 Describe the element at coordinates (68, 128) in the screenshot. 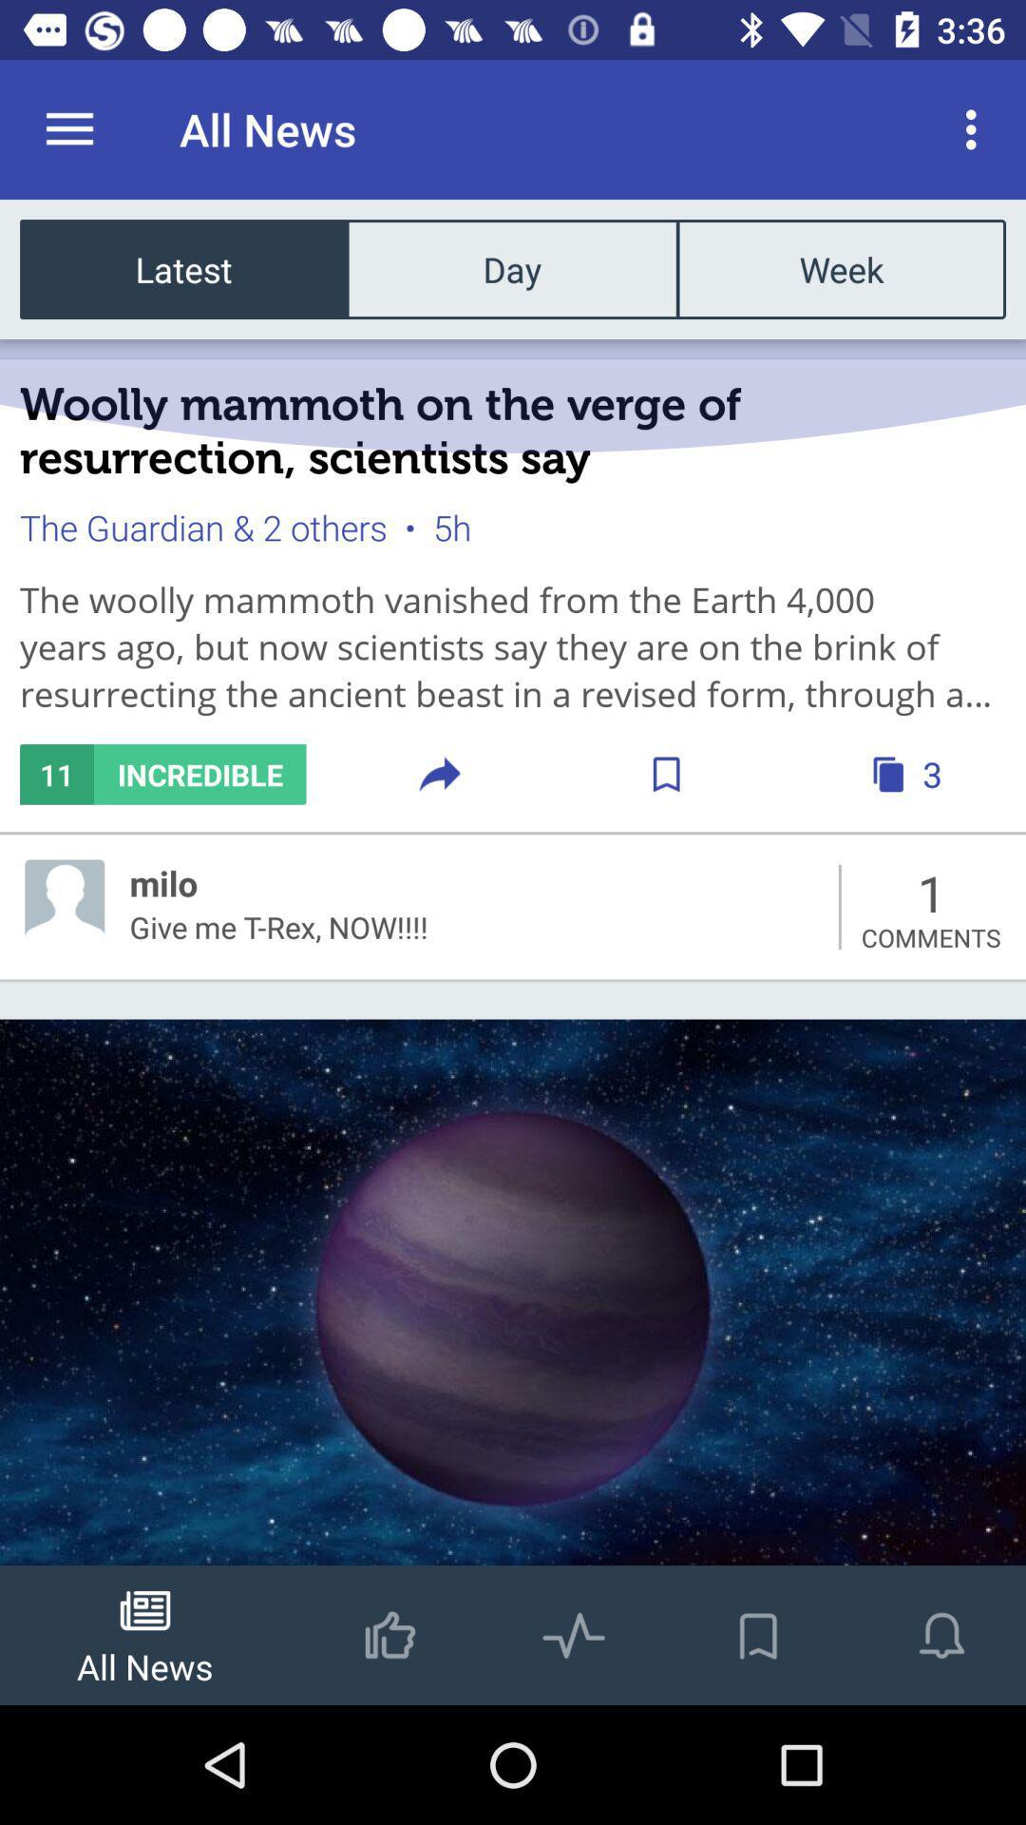

I see `the icon next to the all news item` at that location.